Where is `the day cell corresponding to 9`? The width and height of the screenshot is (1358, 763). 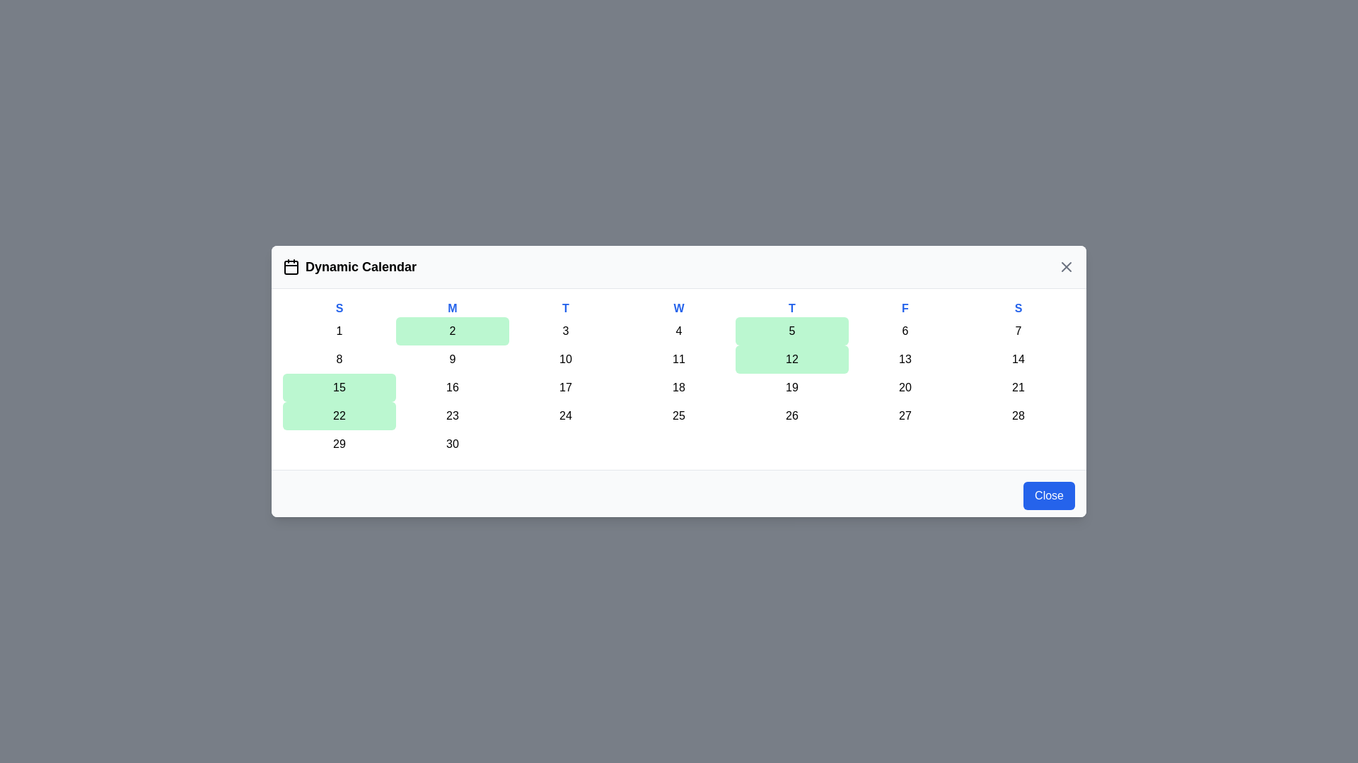 the day cell corresponding to 9 is located at coordinates (451, 359).